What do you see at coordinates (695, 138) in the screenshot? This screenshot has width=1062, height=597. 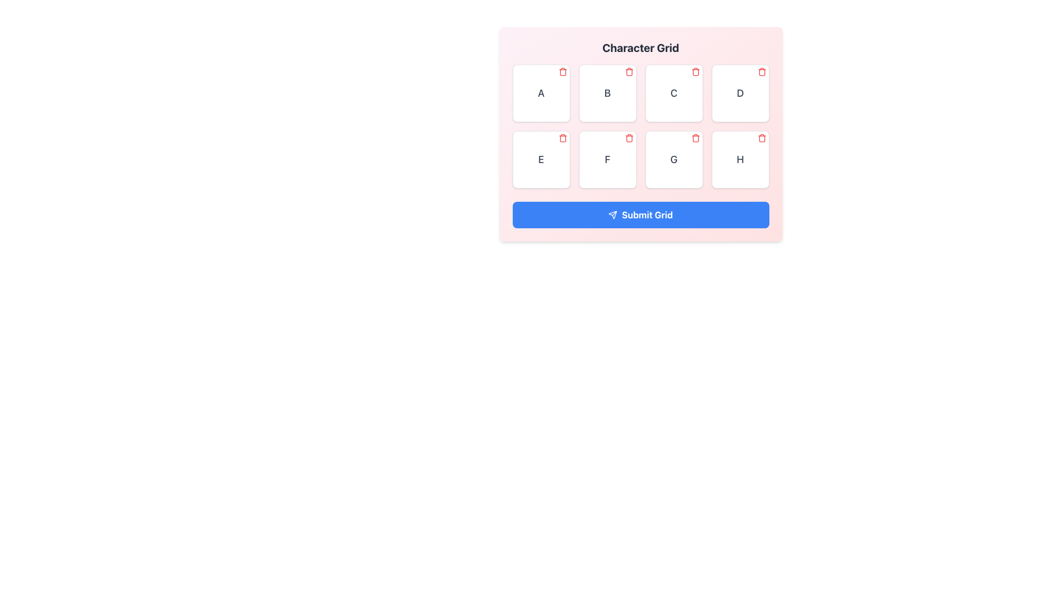 I see `the red trash bin icon button located at the top-right corner of the card labeled 'G'` at bounding box center [695, 138].